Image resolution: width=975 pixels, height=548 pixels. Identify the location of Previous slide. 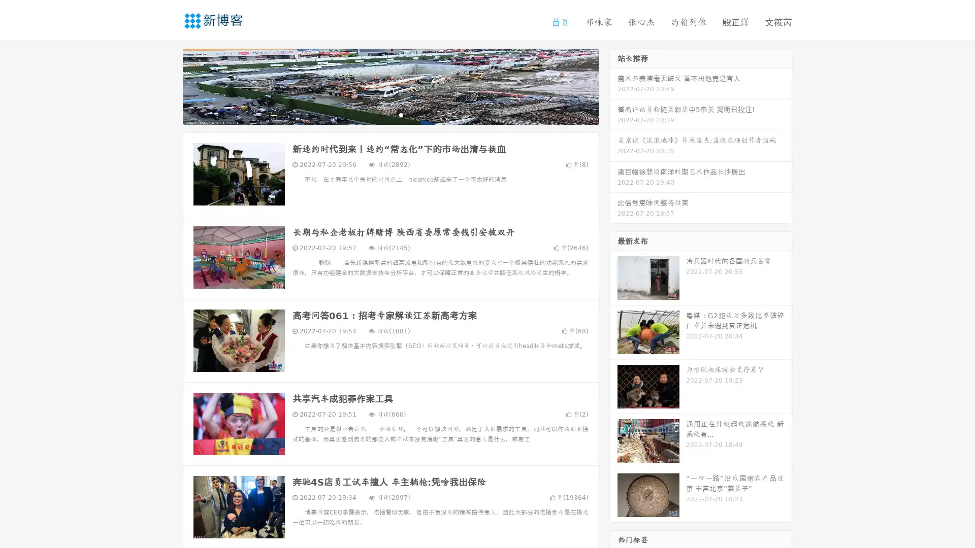
(168, 85).